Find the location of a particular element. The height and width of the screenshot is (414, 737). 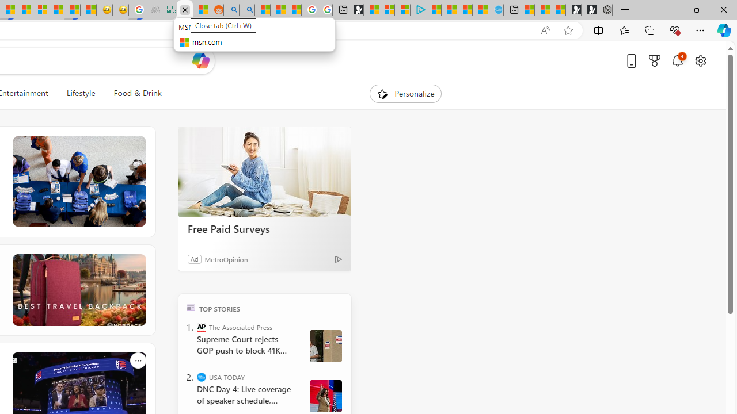

'Lifestyle' is located at coordinates (80, 93).